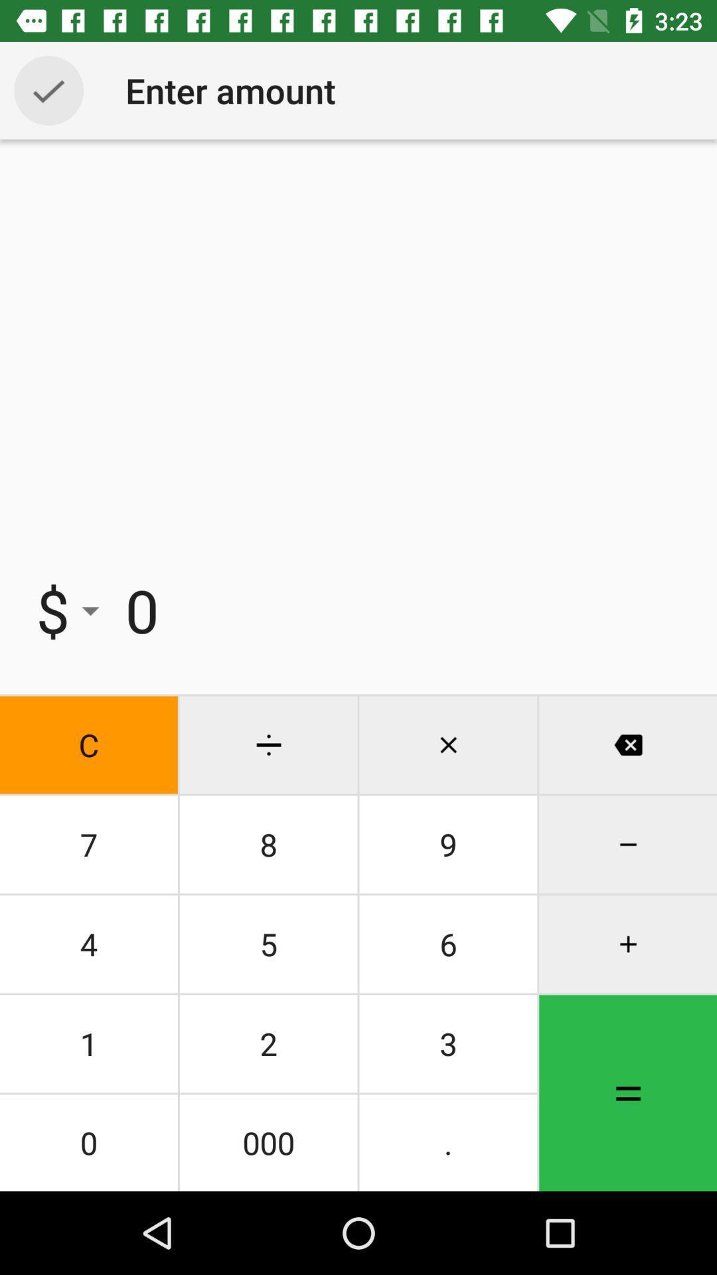 The image size is (717, 1275). Describe the element at coordinates (268, 943) in the screenshot. I see `the icon to the left of the 9 item` at that location.